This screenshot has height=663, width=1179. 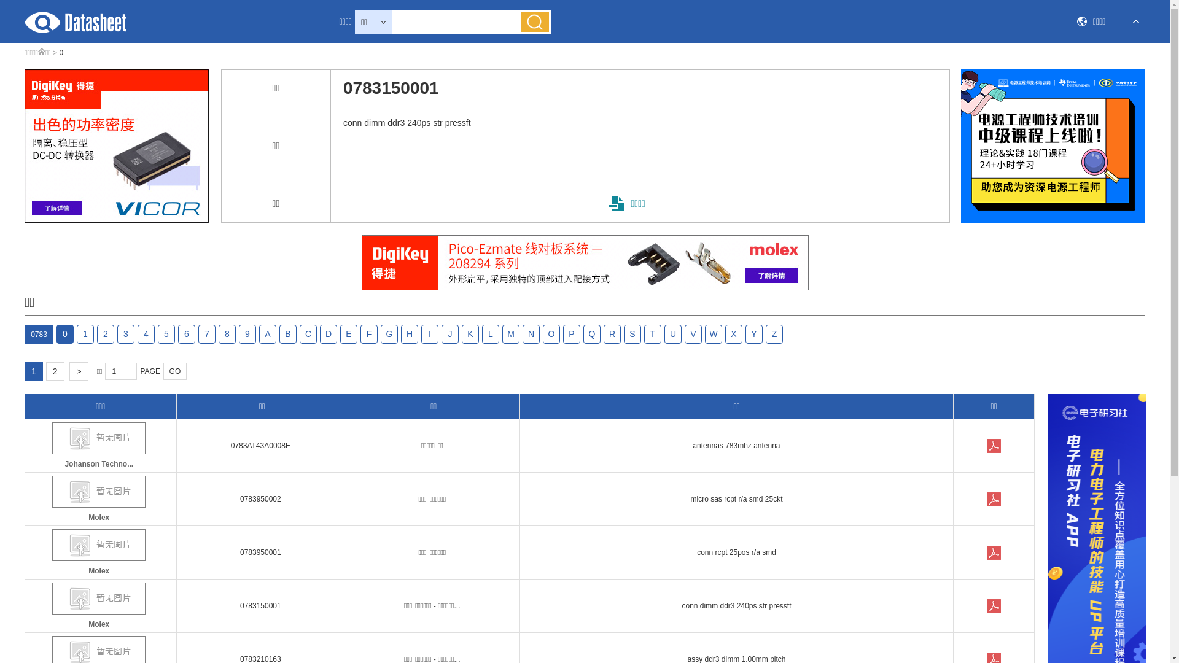 I want to click on 'R', so click(x=612, y=334).